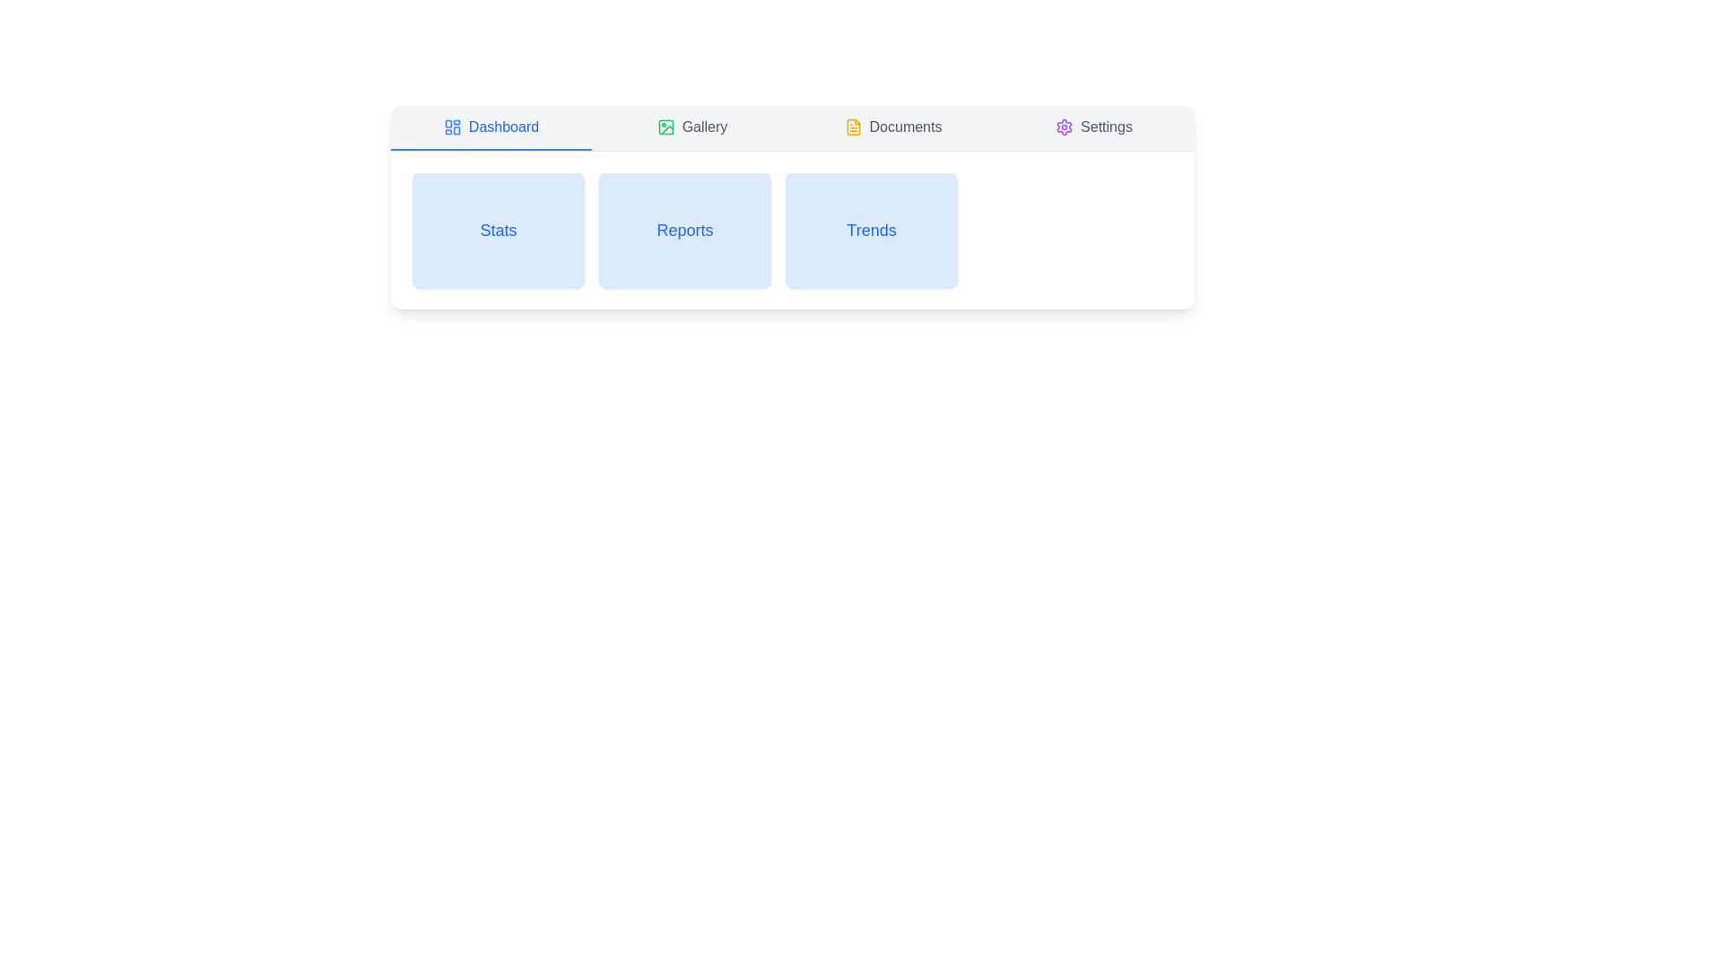  Describe the element at coordinates (1092, 127) in the screenshot. I see `the 'Settings' navigation item, which features a purple gear icon and is the fourth item in the navigation bar` at that location.